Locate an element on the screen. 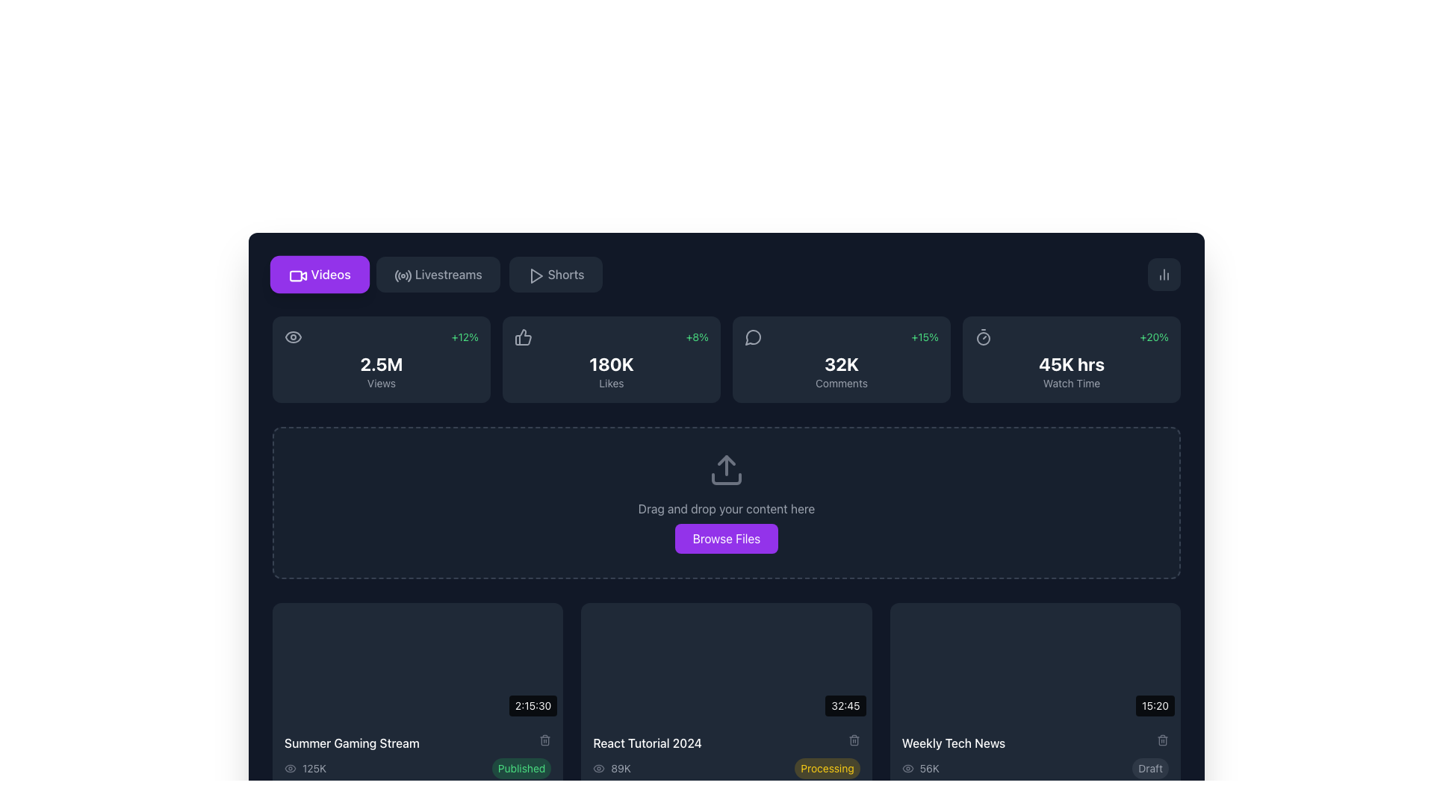 Image resolution: width=1434 pixels, height=806 pixels. the Text-based informational block displaying the number of comments, positioned in the third section of the top row of the dashboard interface, adjacent to '180K Likes' on the left and '45K hrs' on the right is located at coordinates (842, 370).